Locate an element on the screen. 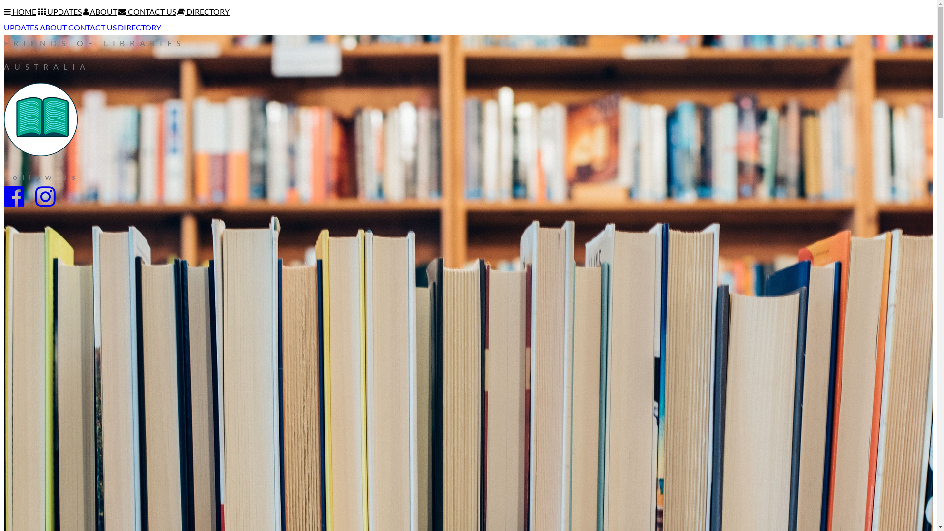  'UPDATES' is located at coordinates (59, 11).